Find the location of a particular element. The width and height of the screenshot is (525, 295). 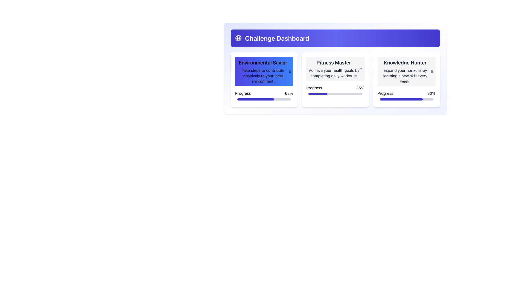

the middle curved line component of the globe icon within the SVG graphic, which has a thin, uniform stroke and forms a symmetrical parabolic curve is located at coordinates (238, 38).